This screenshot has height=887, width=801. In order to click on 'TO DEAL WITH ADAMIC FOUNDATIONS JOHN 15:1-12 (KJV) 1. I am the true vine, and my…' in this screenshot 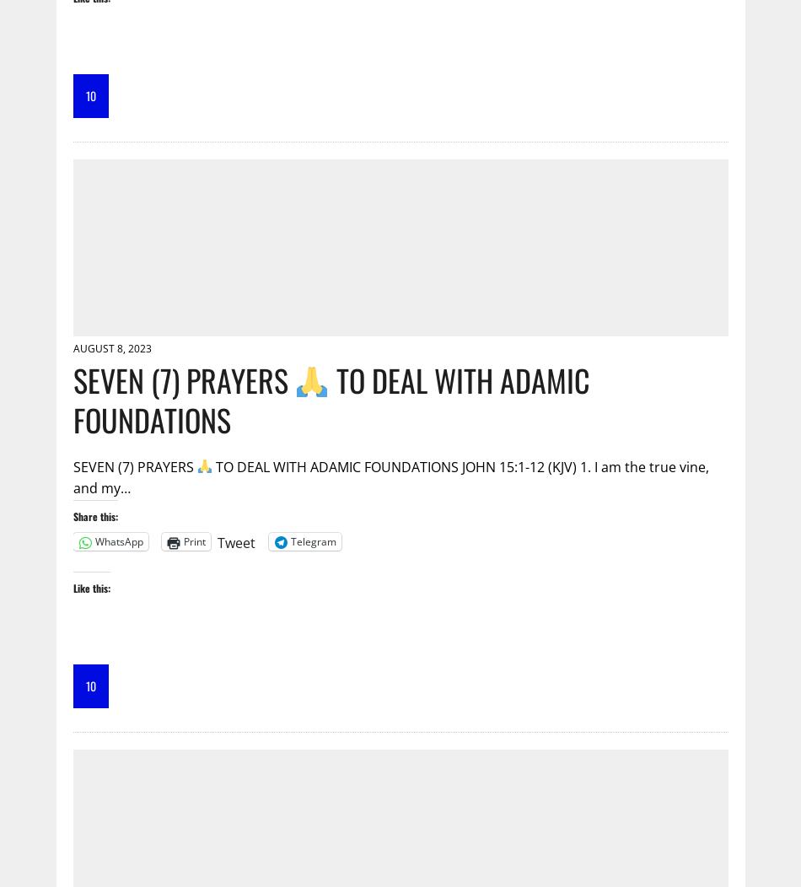, I will do `click(390, 476)`.